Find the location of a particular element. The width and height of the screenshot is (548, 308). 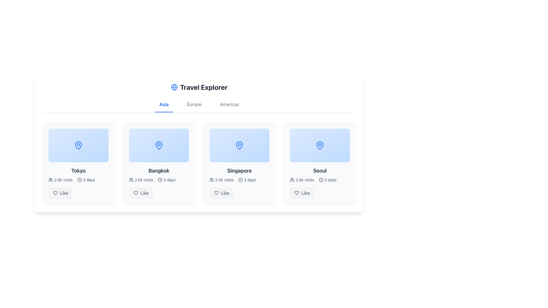

the heart icon located at the bottom section of the 'Seoul' card to express liking the content is located at coordinates (297, 193).